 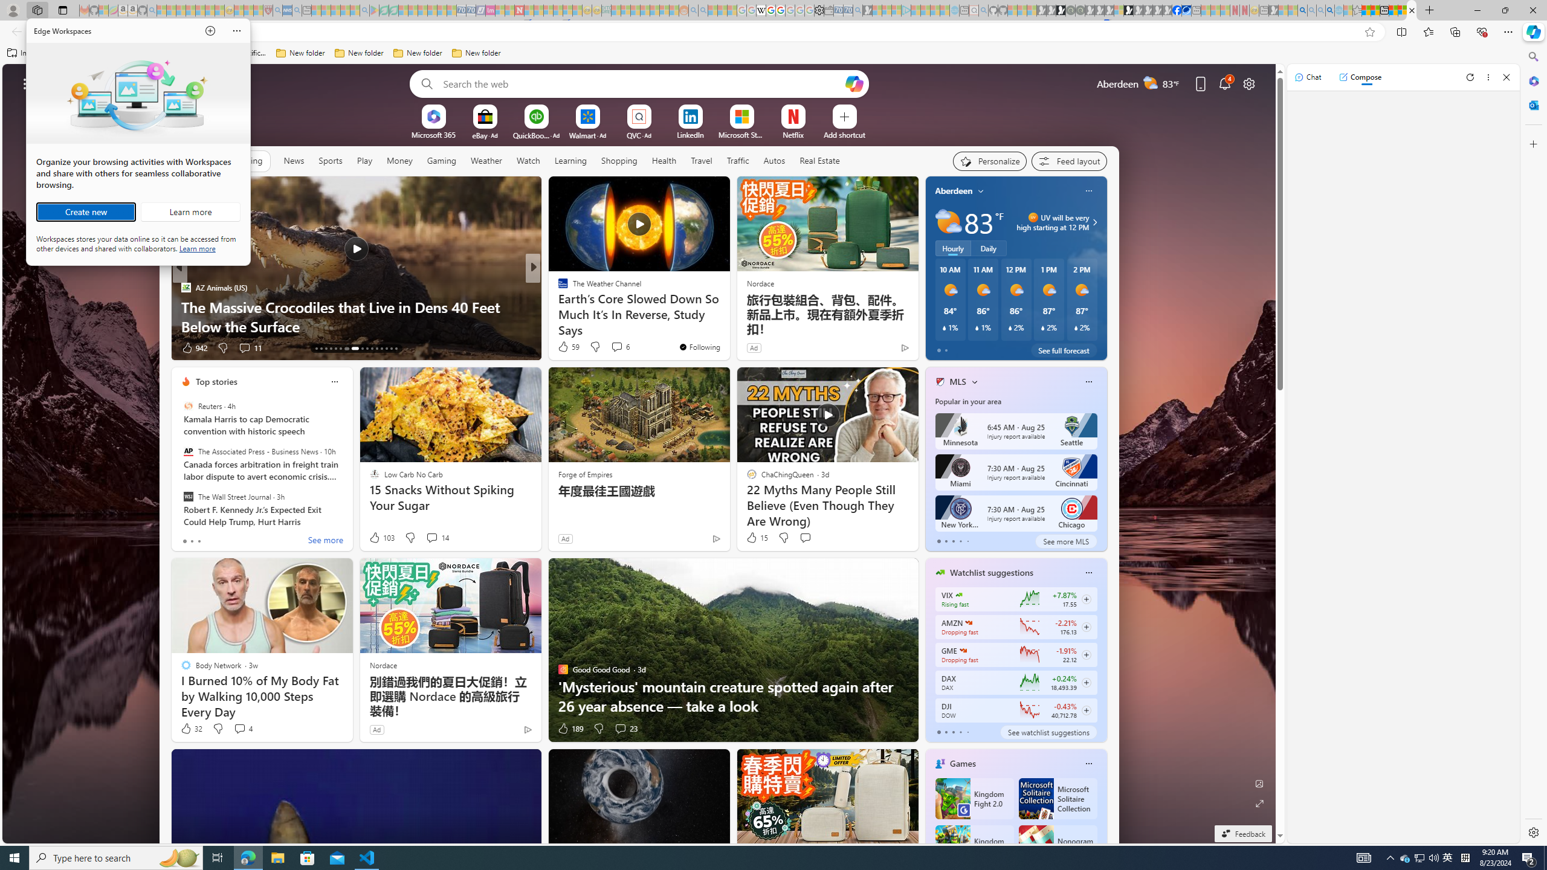 I want to click on '189 Like', so click(x=569, y=729).